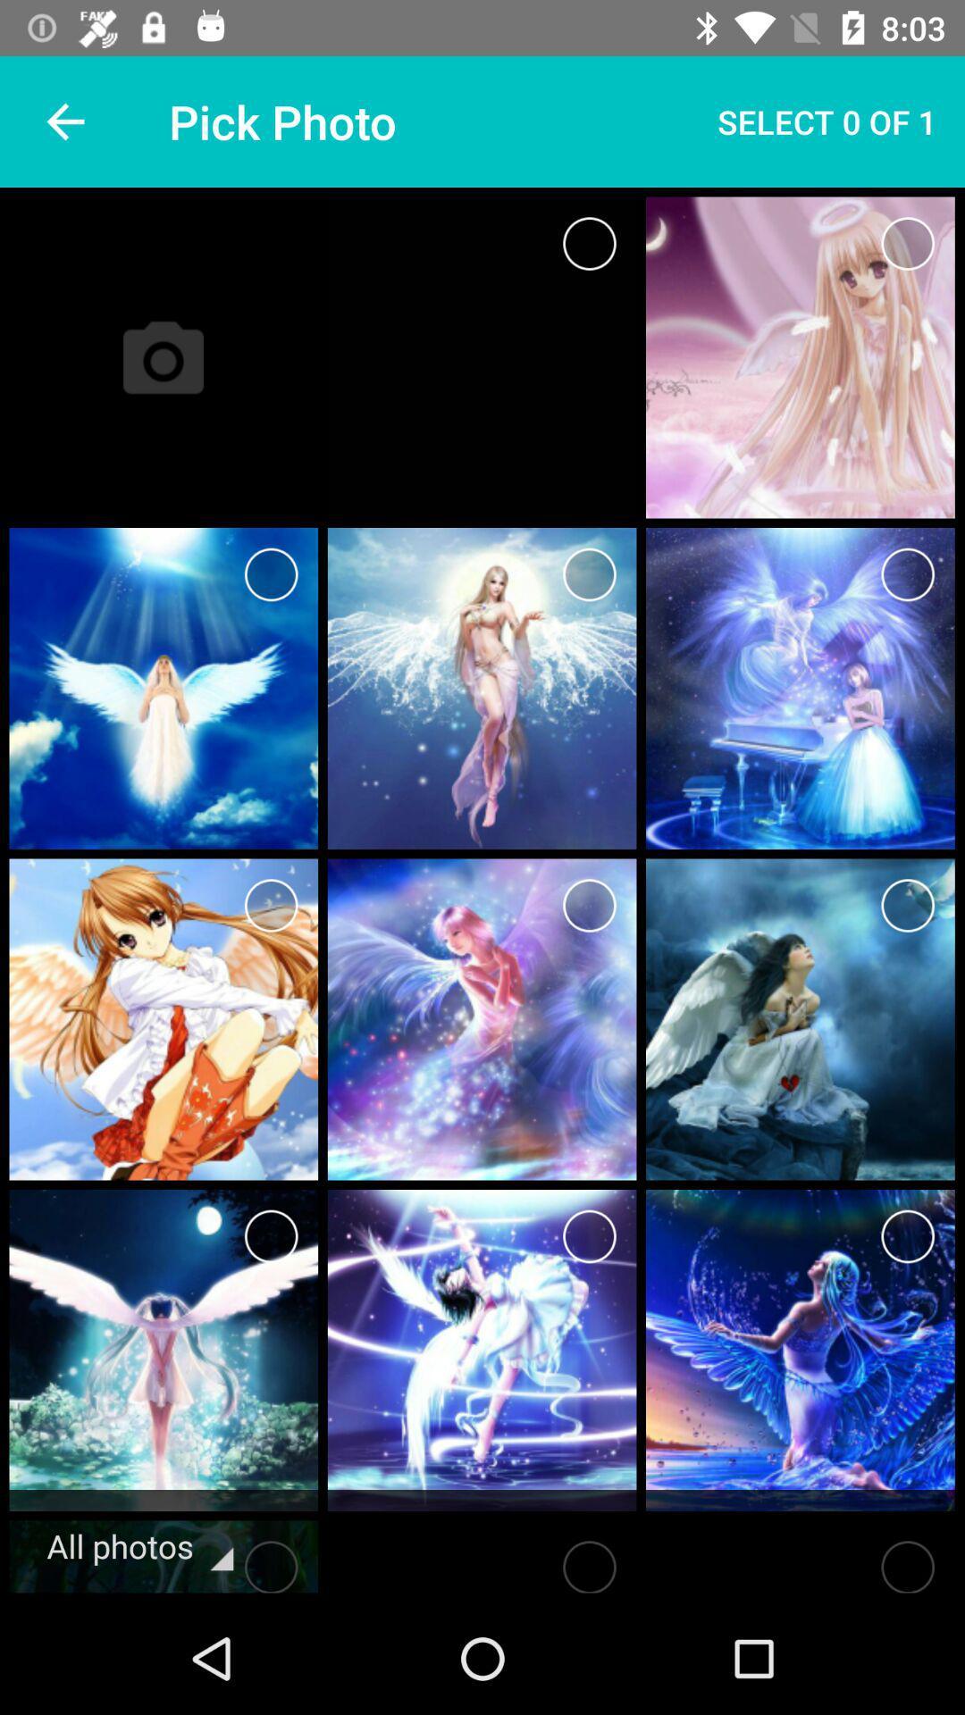 Image resolution: width=965 pixels, height=1715 pixels. Describe the element at coordinates (589, 574) in the screenshot. I see `the image` at that location.